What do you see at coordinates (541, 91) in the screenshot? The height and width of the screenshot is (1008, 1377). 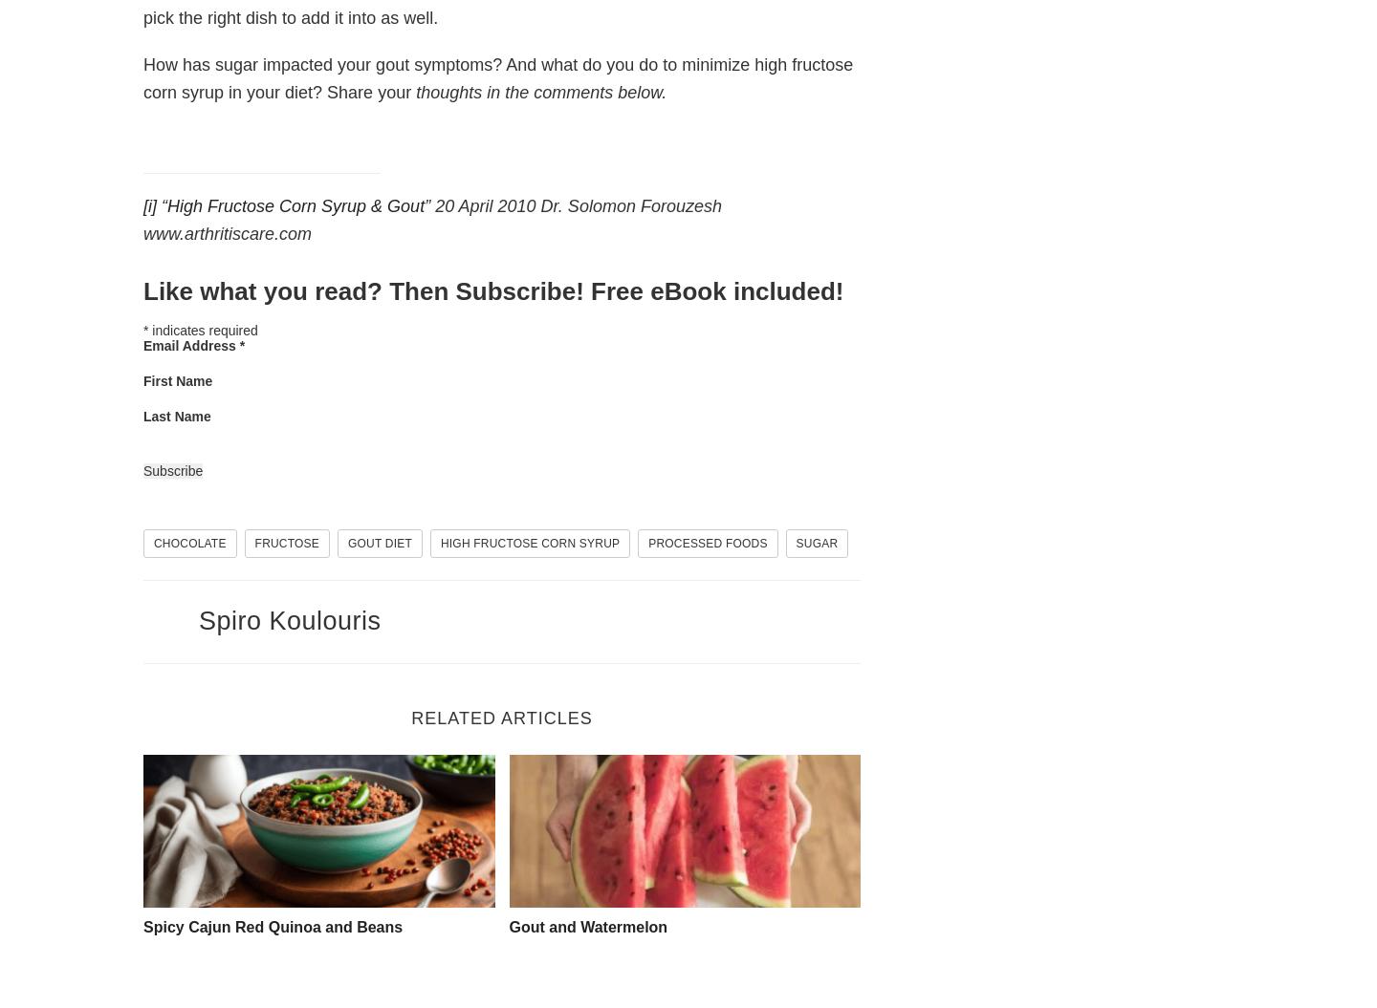 I see `'thoughts in the comments below.'` at bounding box center [541, 91].